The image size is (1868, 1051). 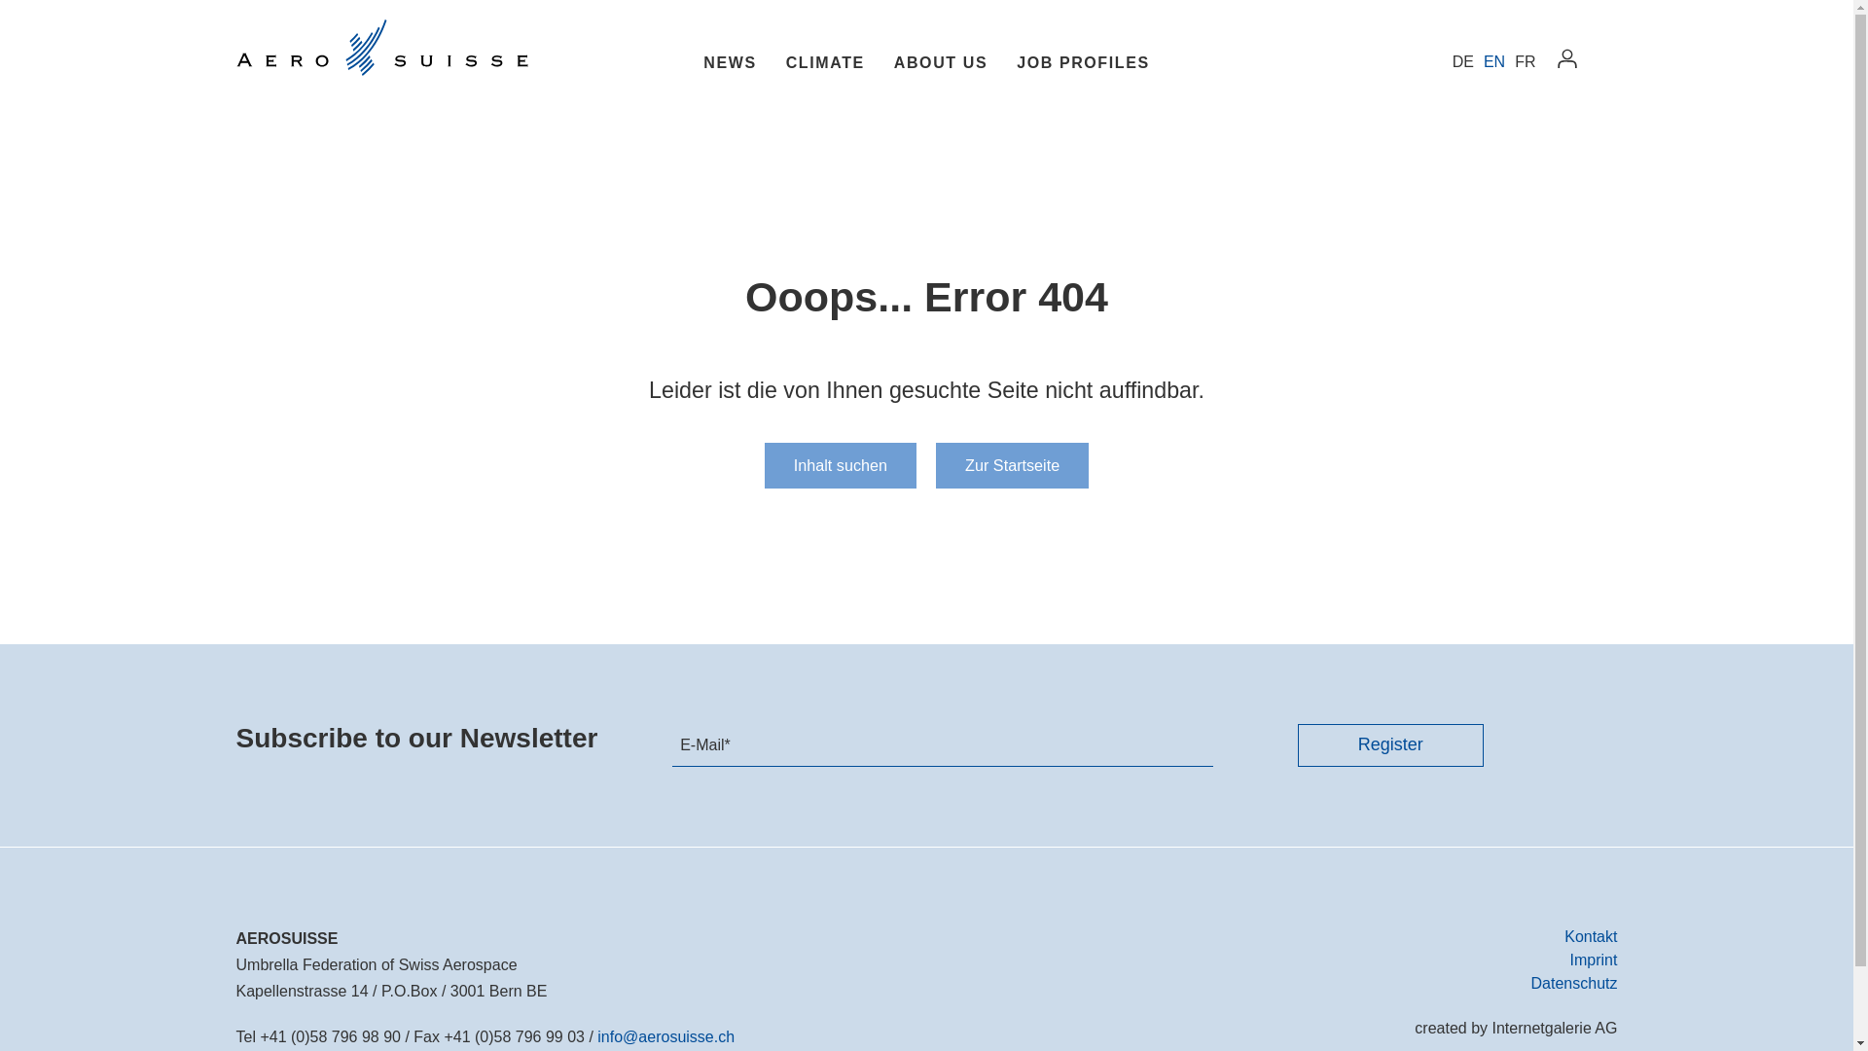 I want to click on 'Imprint', so click(x=1569, y=959).